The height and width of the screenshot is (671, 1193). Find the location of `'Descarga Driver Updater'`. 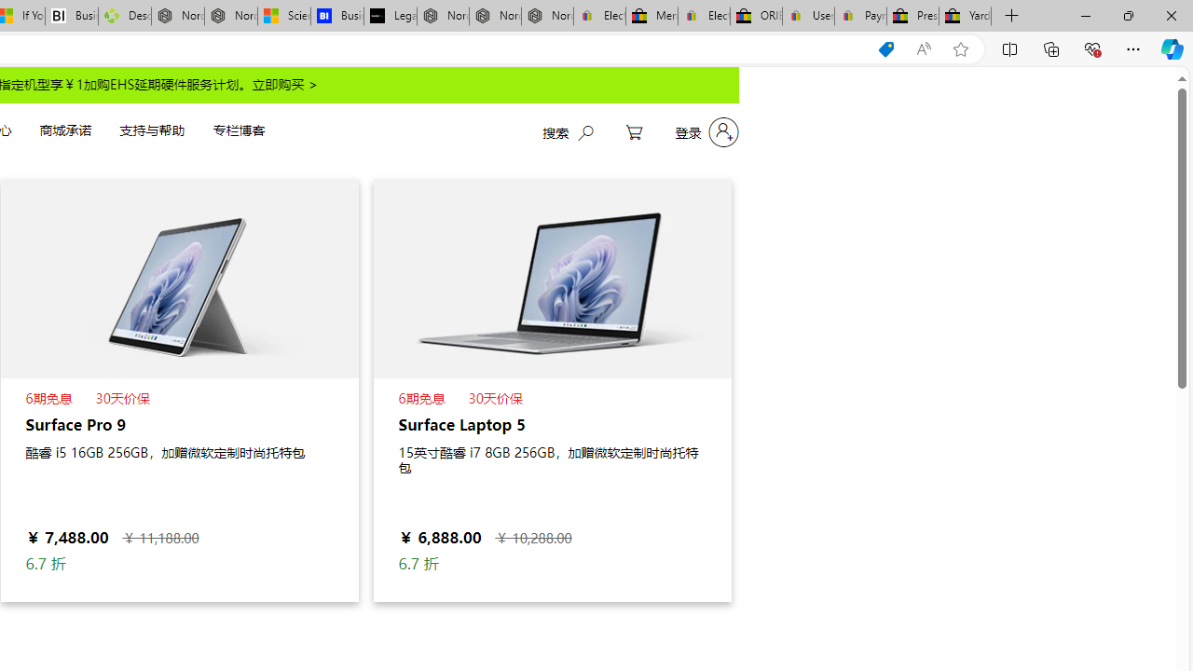

'Descarga Driver Updater' is located at coordinates (124, 16).